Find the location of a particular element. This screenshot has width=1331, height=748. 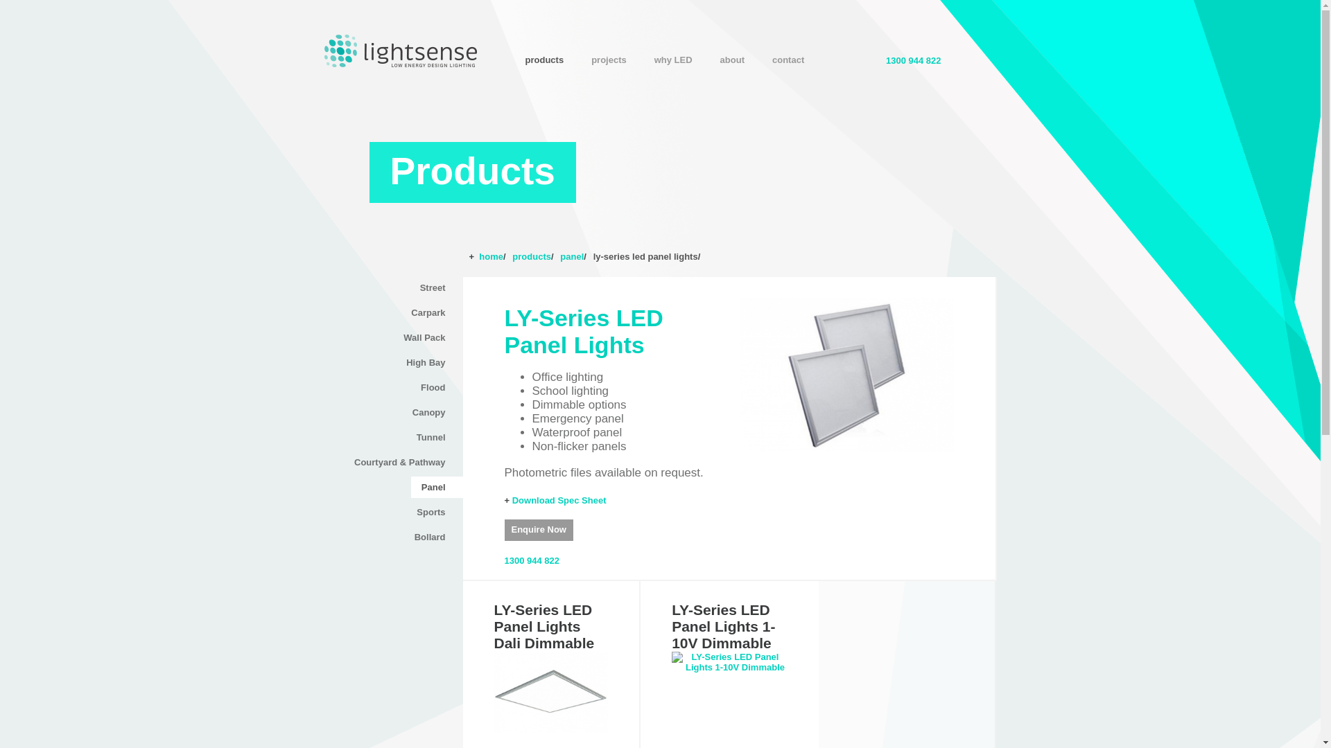

'+  home/' is located at coordinates (487, 256).